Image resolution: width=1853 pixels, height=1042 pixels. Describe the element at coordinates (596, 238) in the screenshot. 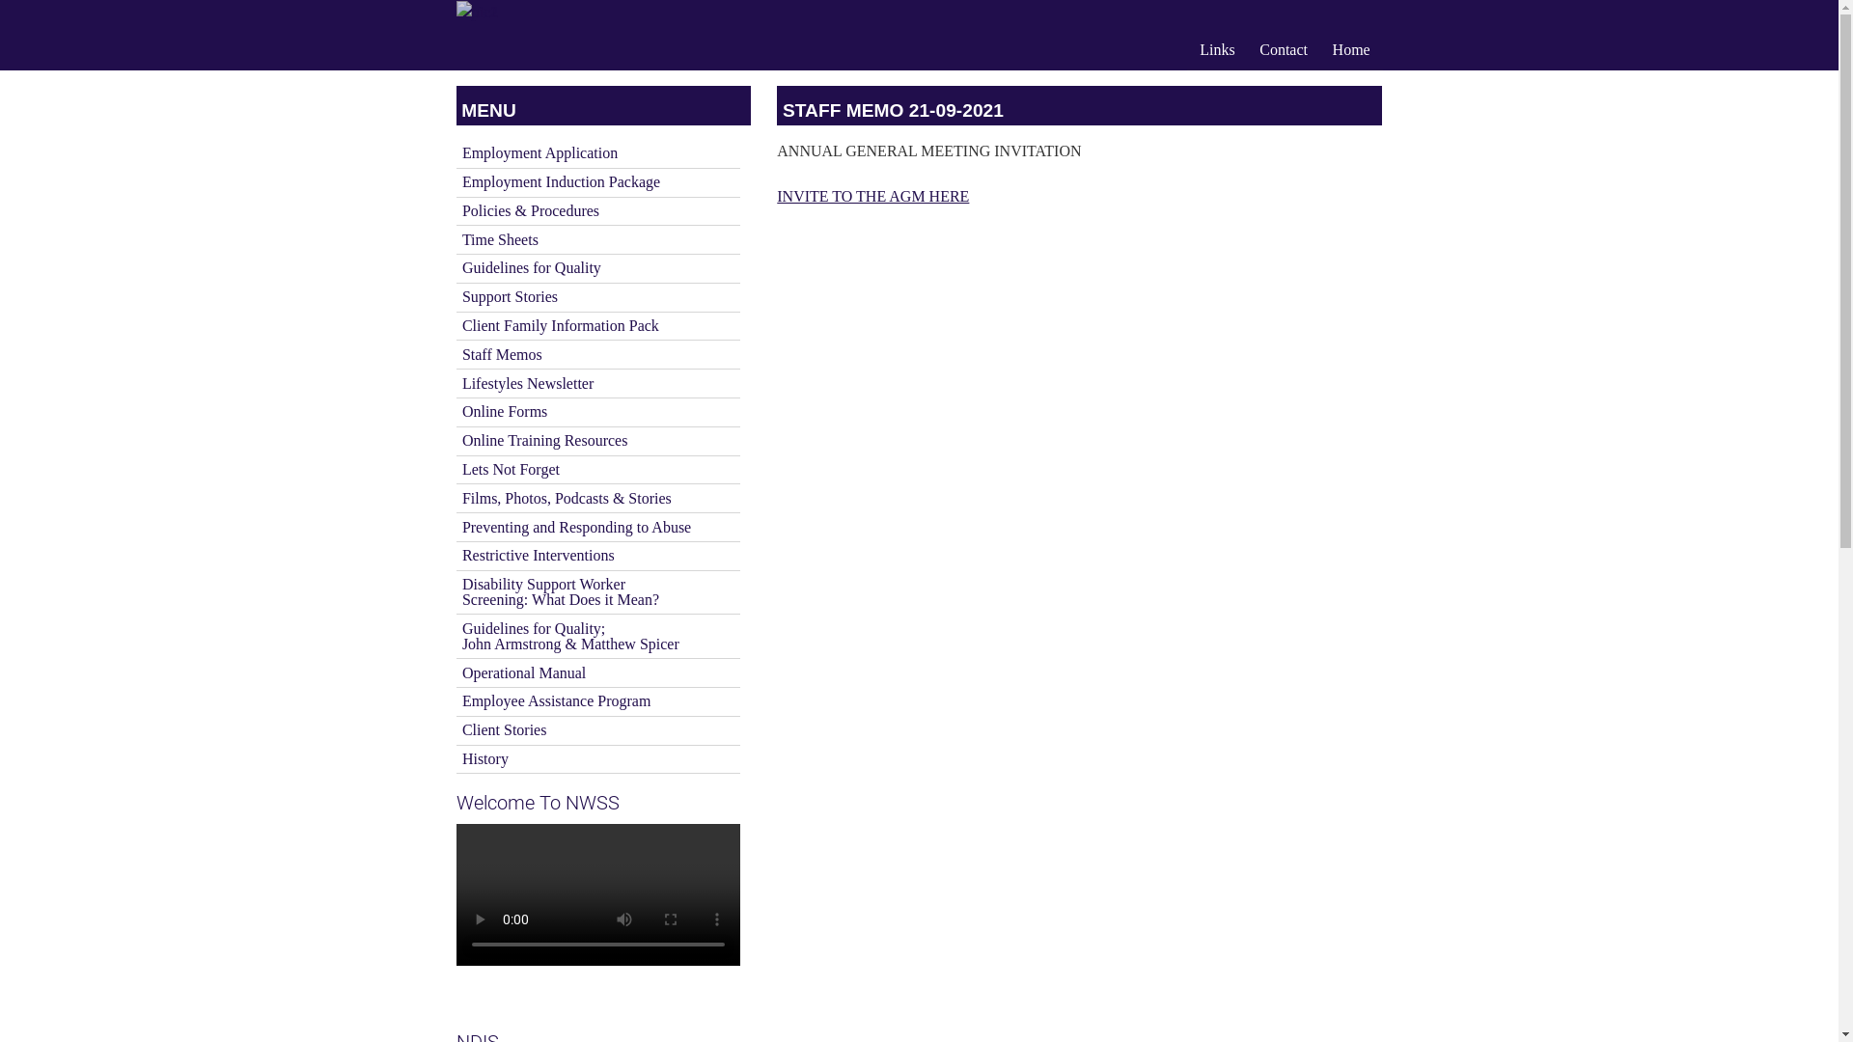

I see `'Time Sheets'` at that location.